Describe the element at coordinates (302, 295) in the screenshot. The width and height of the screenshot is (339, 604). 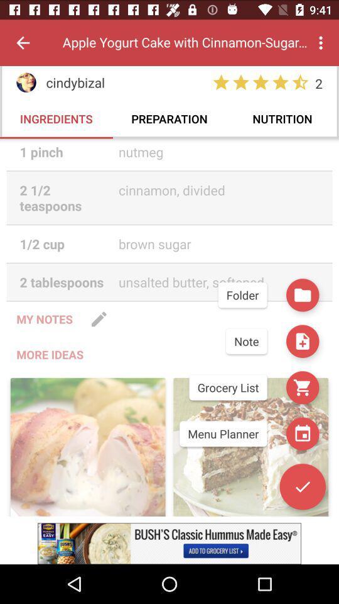
I see `the folder icon` at that location.